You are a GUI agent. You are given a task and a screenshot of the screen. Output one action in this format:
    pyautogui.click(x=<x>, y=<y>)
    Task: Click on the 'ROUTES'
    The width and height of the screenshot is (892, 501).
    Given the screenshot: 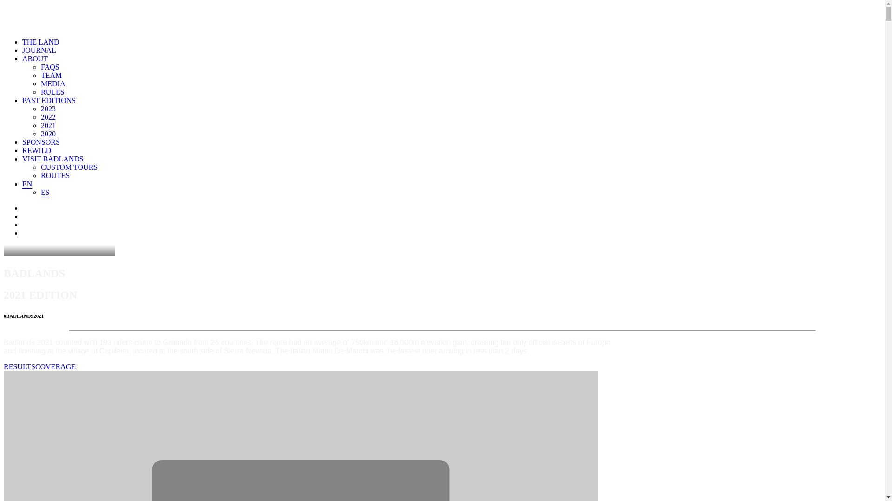 What is the action you would take?
    pyautogui.click(x=40, y=175)
    